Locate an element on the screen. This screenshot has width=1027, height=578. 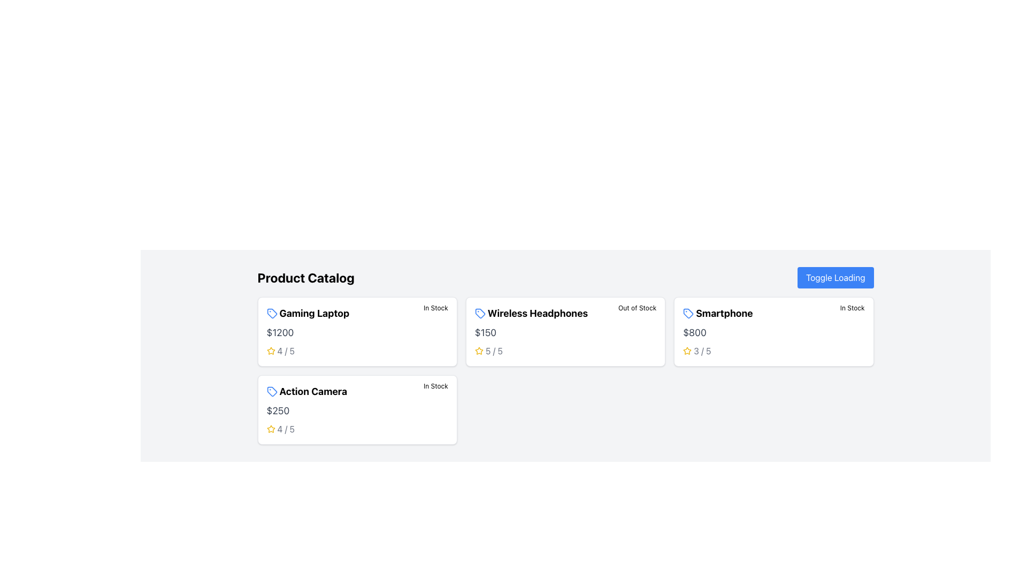
the product display card for the Smartphone located in the top-right quadrant of the grid, specifically the third card in the first row is located at coordinates (773, 331).